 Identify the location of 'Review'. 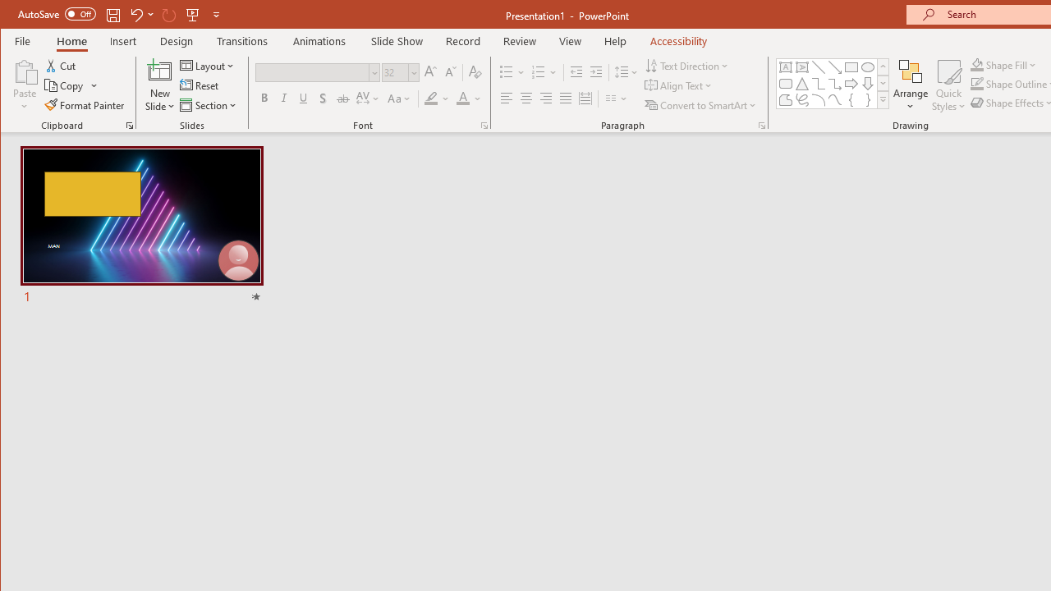
(518, 40).